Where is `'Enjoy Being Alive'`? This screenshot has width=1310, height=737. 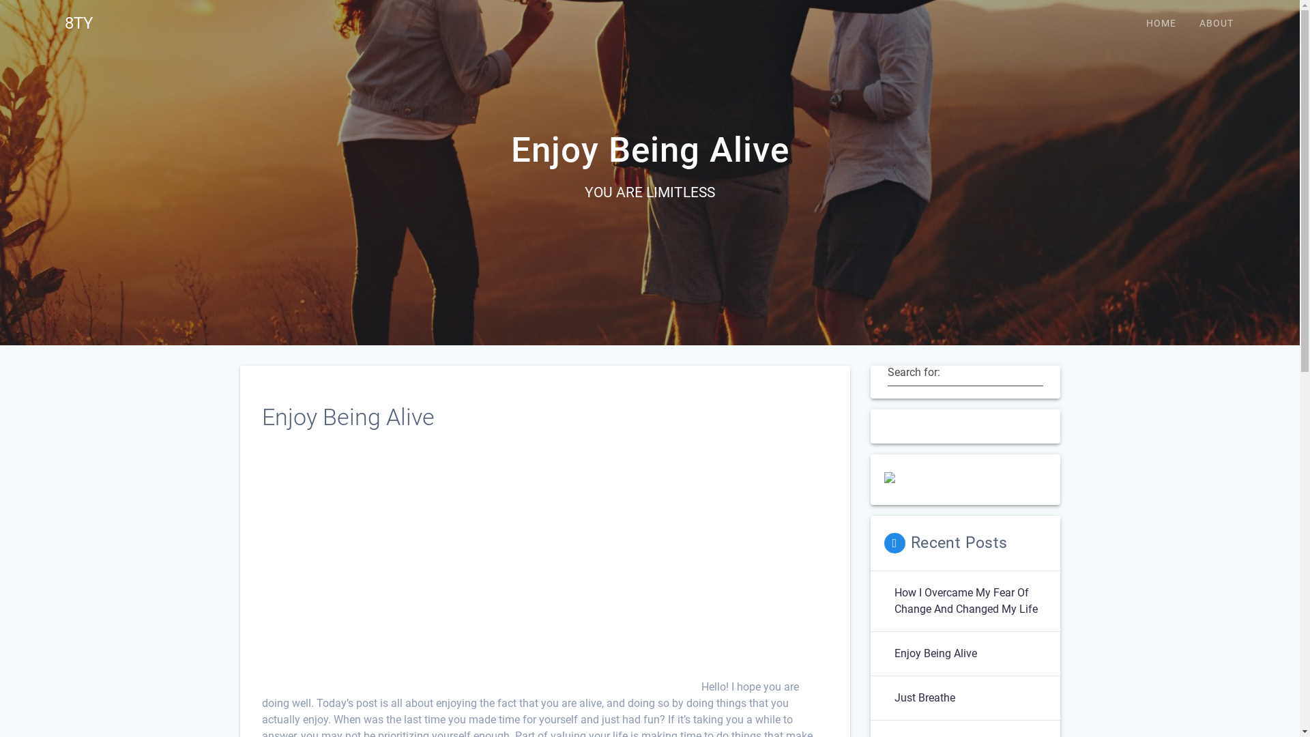
'Enjoy Being Alive' is located at coordinates (887, 652).